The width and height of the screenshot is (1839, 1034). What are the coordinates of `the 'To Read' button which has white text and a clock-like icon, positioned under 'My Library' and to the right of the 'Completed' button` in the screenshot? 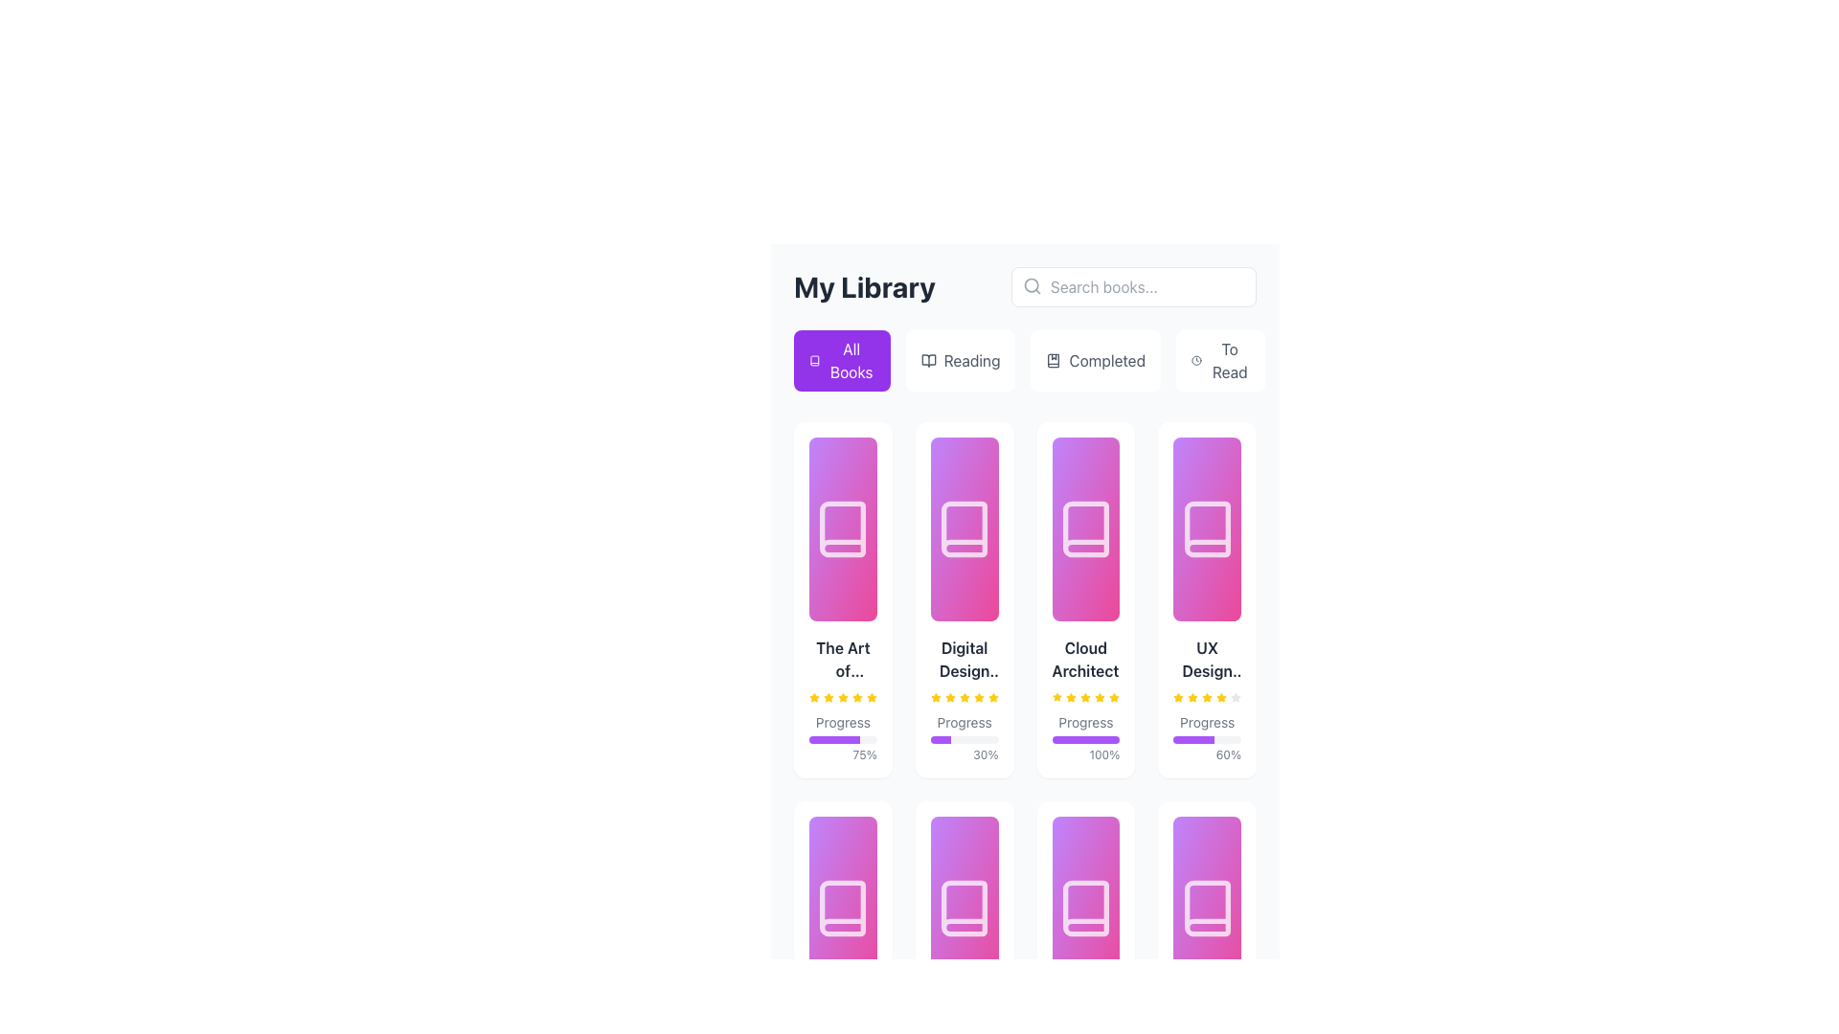 It's located at (1219, 361).